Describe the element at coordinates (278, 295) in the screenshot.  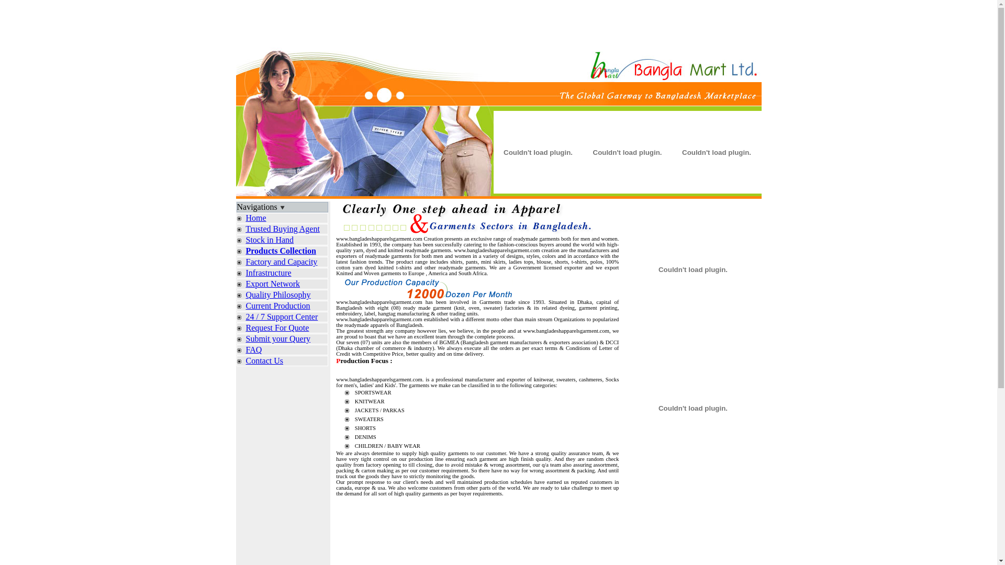
I see `'Quality Philosophy'` at that location.